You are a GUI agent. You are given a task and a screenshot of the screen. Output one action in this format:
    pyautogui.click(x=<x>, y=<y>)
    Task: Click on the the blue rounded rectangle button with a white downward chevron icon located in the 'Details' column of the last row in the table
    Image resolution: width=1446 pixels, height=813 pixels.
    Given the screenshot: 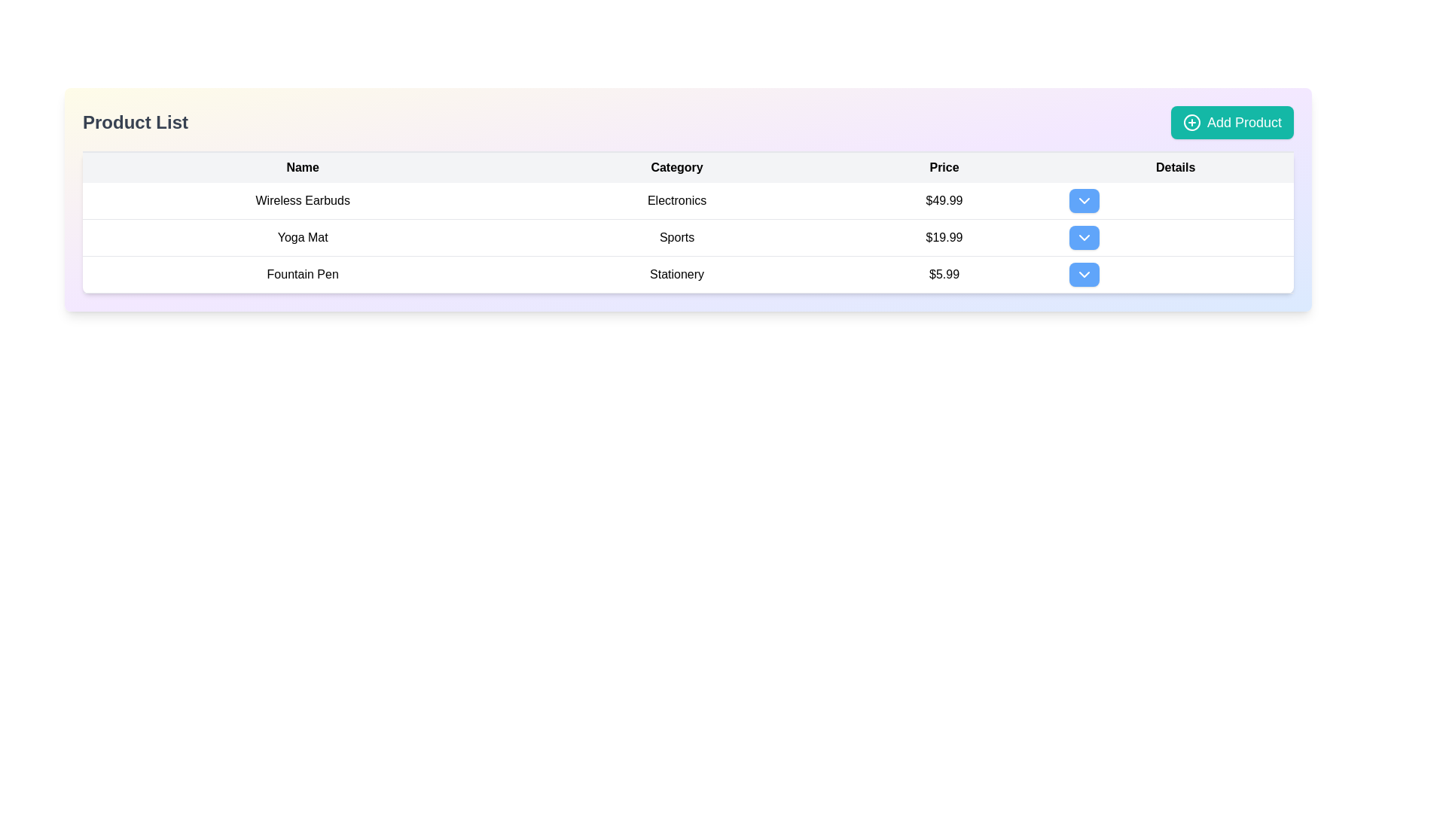 What is the action you would take?
    pyautogui.click(x=1084, y=275)
    